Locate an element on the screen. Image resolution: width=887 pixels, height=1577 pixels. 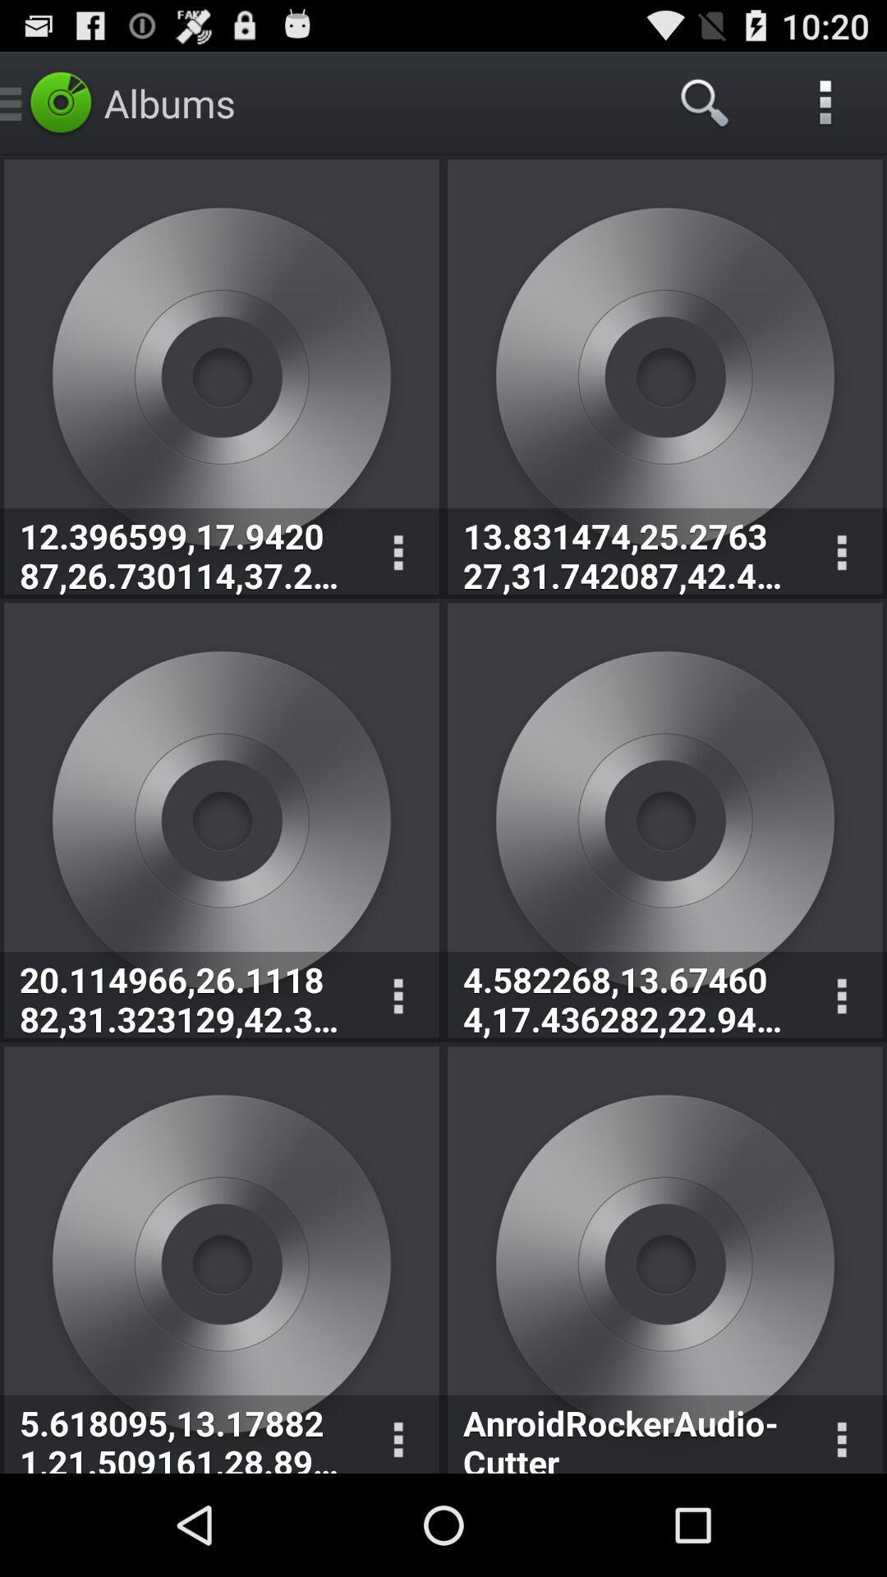
more options is located at coordinates (398, 1433).